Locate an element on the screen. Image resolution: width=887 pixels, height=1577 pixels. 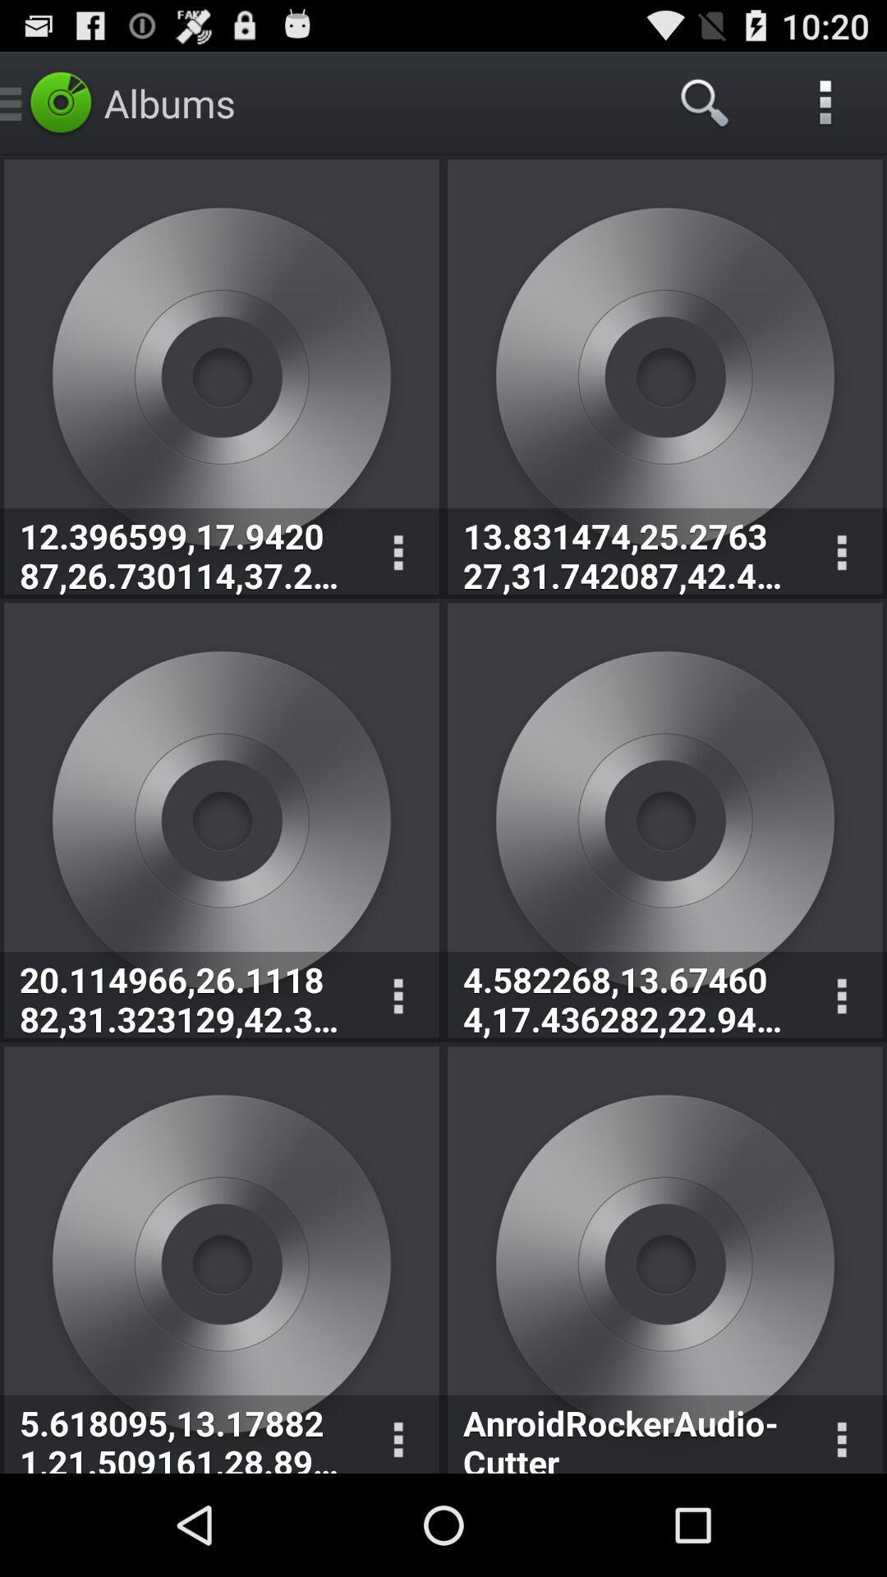
more options is located at coordinates (398, 1433).